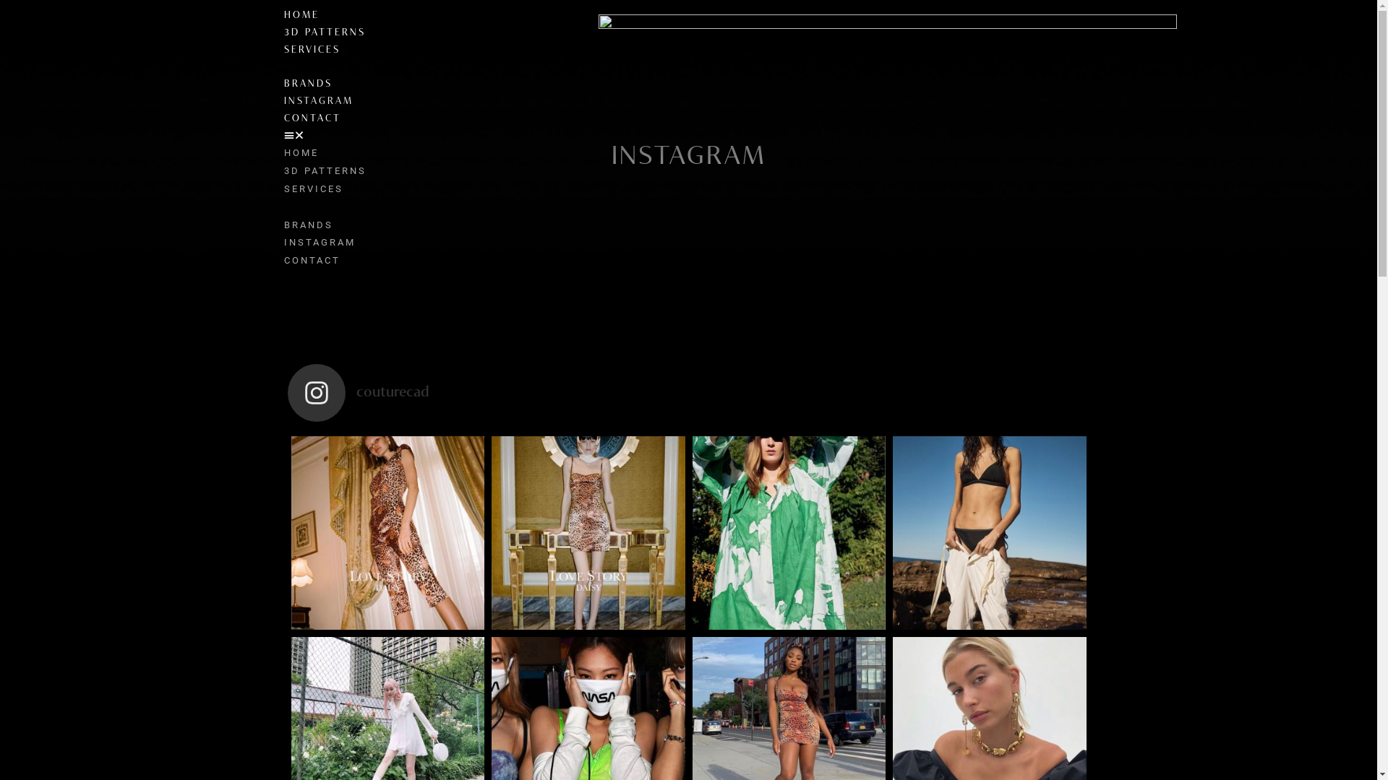 The width and height of the screenshot is (1388, 780). I want to click on 'HOME', so click(300, 15).